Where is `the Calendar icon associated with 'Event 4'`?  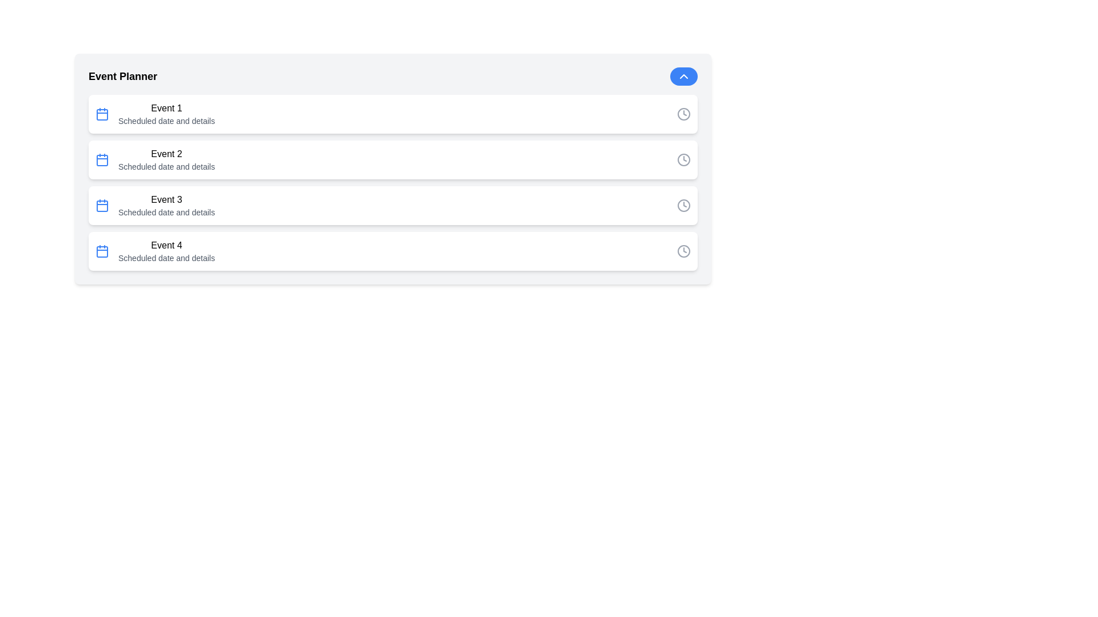
the Calendar icon associated with 'Event 4' is located at coordinates (102, 250).